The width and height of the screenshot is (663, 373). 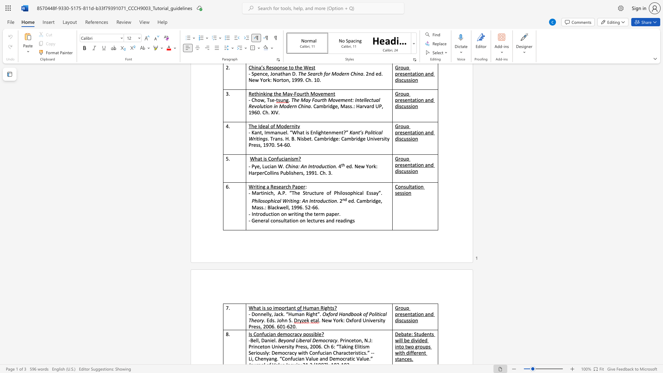 What do you see at coordinates (406, 320) in the screenshot?
I see `the subset text "ssio" within the text "Group presentation and discussion"` at bounding box center [406, 320].